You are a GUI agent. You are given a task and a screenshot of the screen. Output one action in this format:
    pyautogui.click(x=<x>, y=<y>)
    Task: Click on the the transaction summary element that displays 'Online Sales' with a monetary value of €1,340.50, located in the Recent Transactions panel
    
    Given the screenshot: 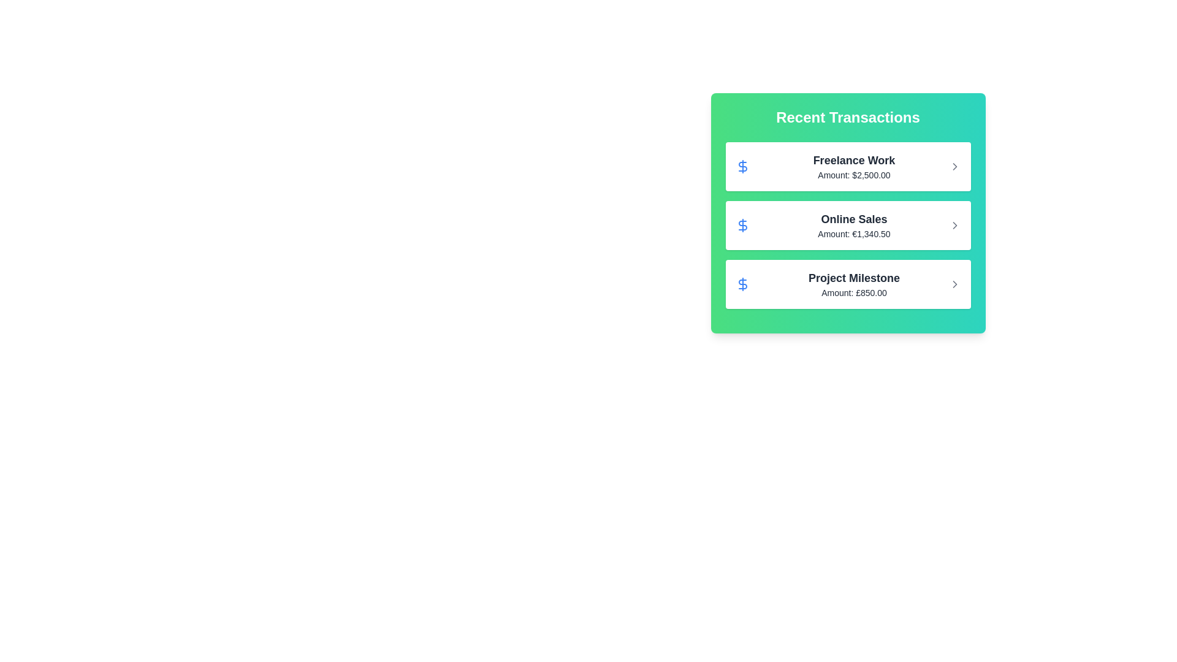 What is the action you would take?
    pyautogui.click(x=853, y=225)
    